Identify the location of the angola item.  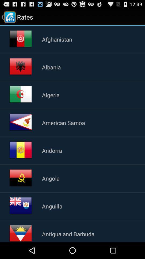
(51, 178).